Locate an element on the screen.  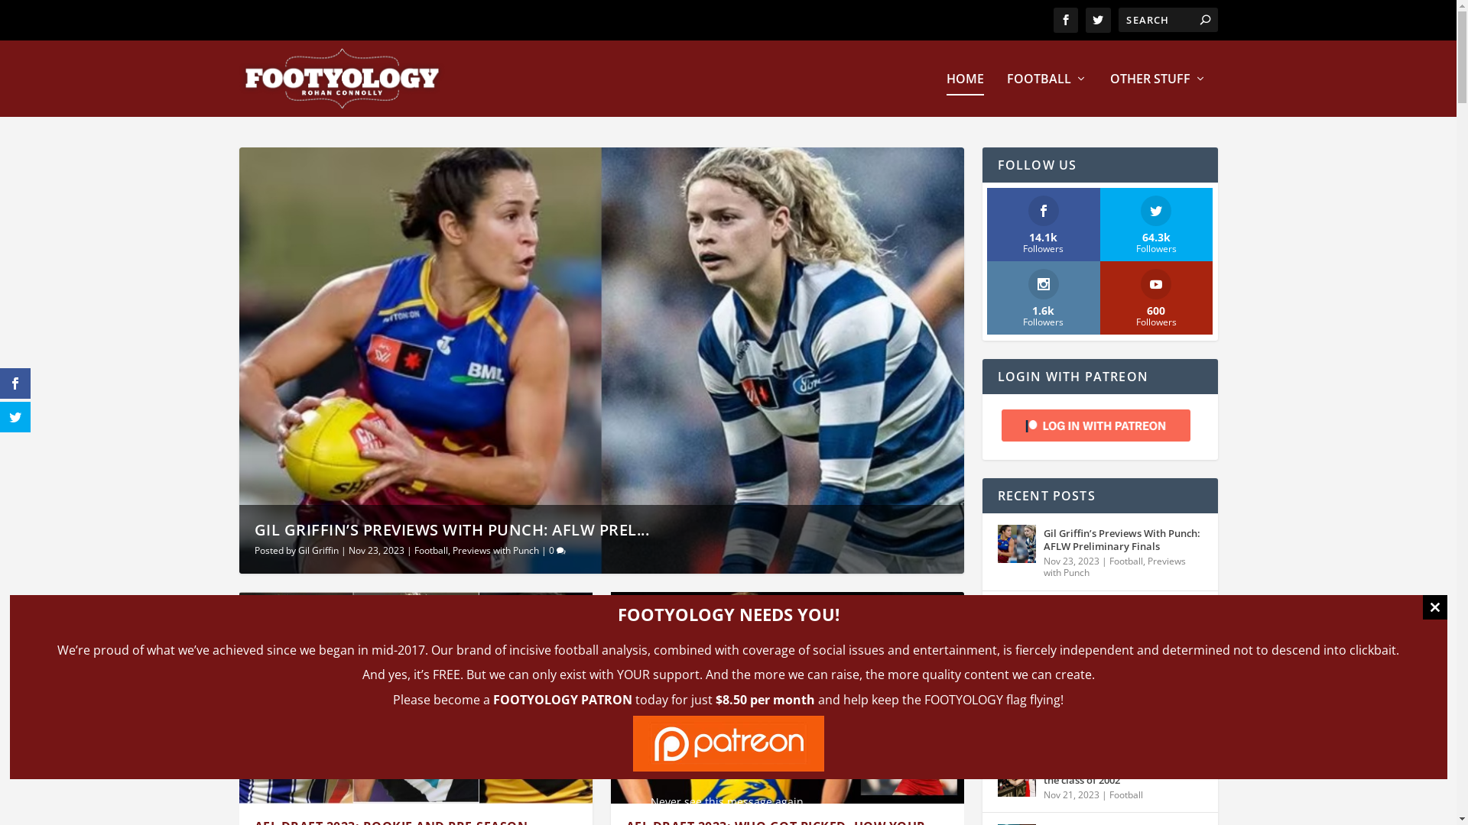
'1.6k is located at coordinates (1042, 297).